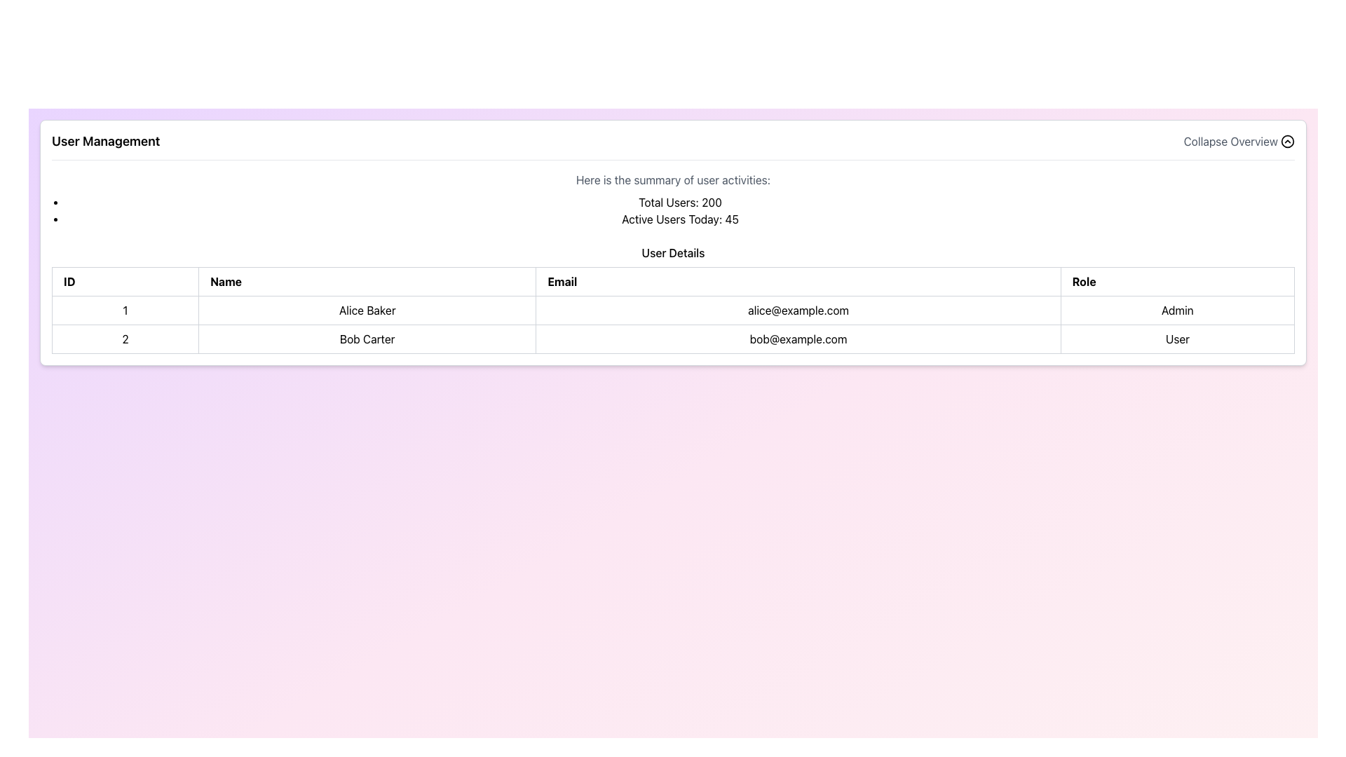 Image resolution: width=1346 pixels, height=757 pixels. What do you see at coordinates (1177, 310) in the screenshot?
I see `the 'Admin' text label in the Role column for user 'Alice Baker', which is displayed in black text within a white background and a thin border` at bounding box center [1177, 310].